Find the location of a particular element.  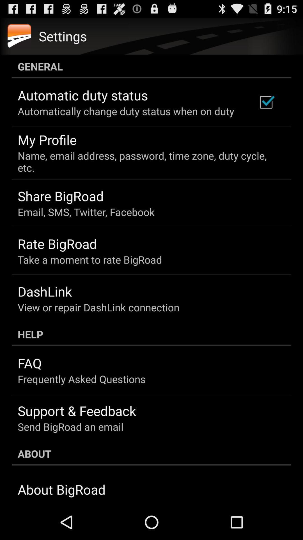

the app next to automatically change duty icon is located at coordinates (266, 102).